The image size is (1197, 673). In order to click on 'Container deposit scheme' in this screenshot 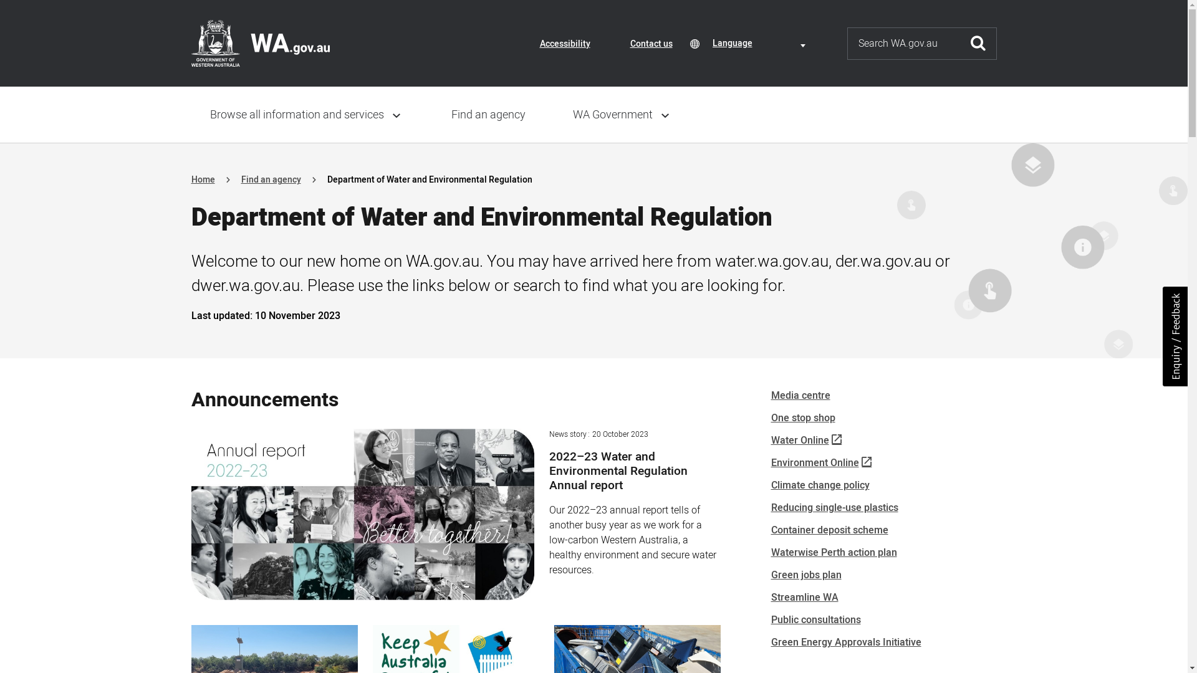, I will do `click(770, 530)`.